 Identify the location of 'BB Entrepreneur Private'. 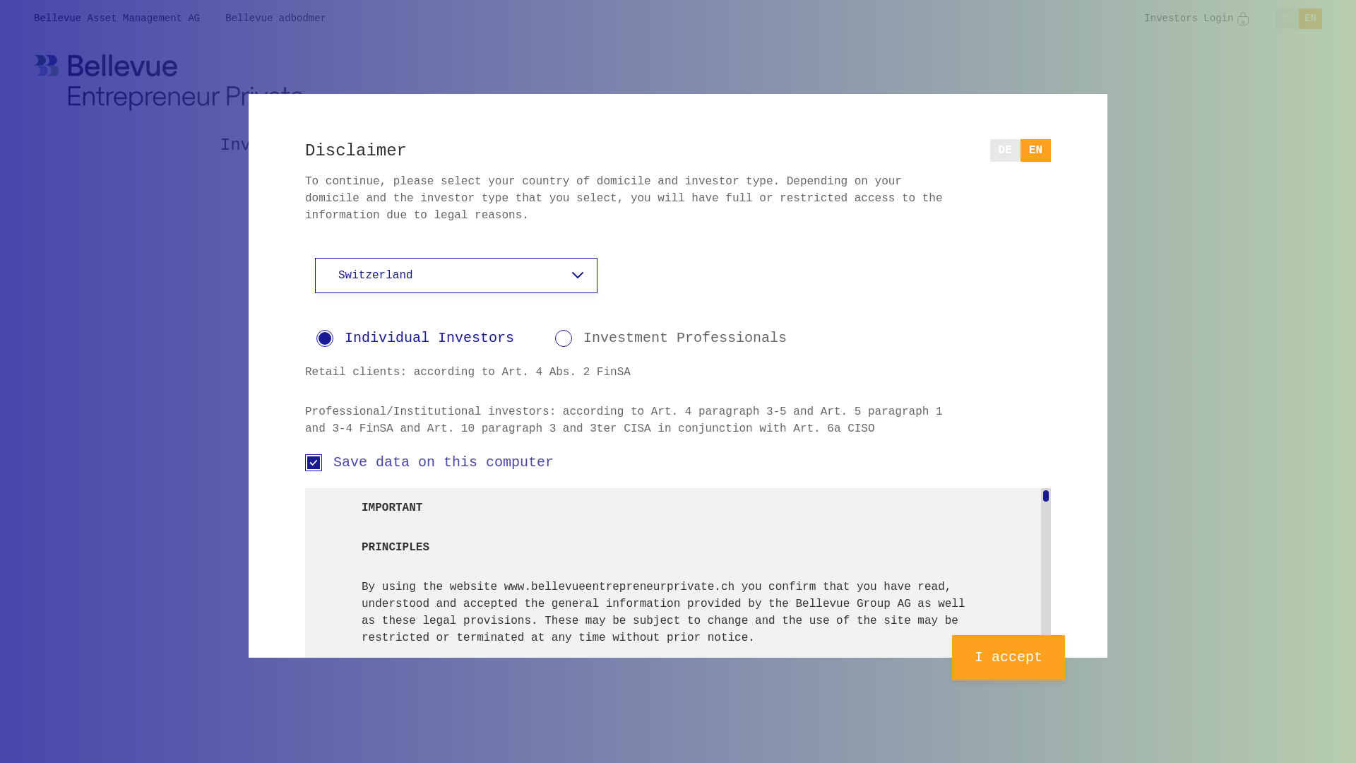
(34, 82).